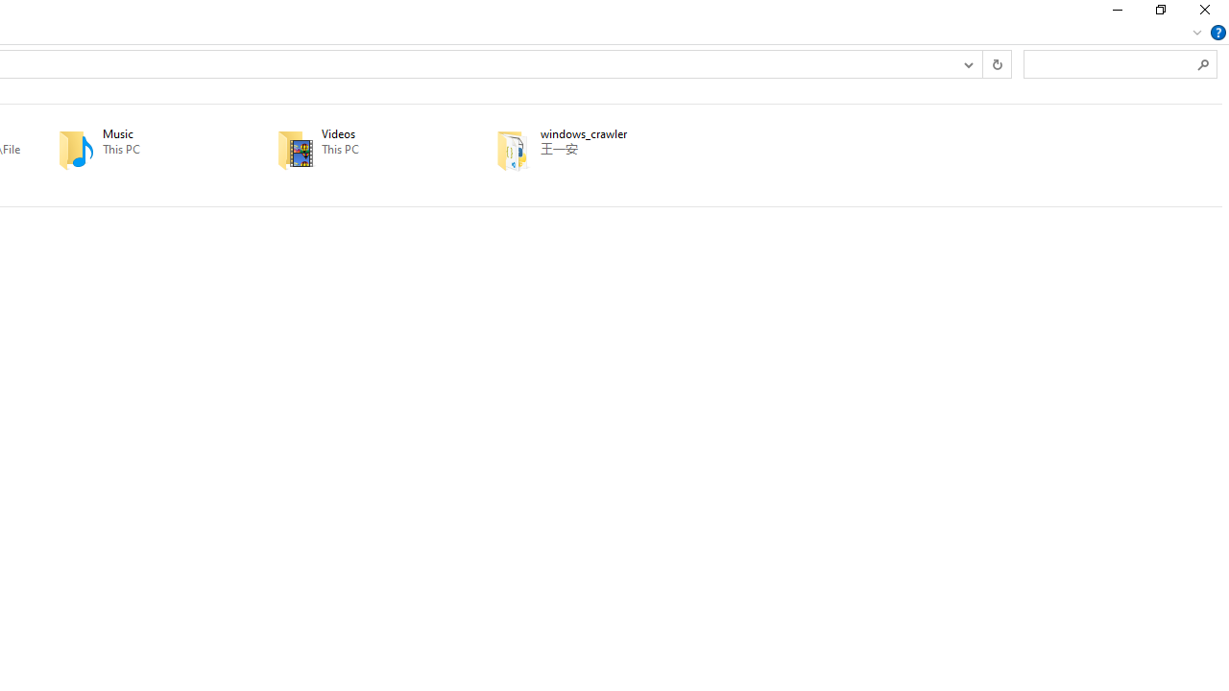  Describe the element at coordinates (1111, 62) in the screenshot. I see `'Search Box'` at that location.